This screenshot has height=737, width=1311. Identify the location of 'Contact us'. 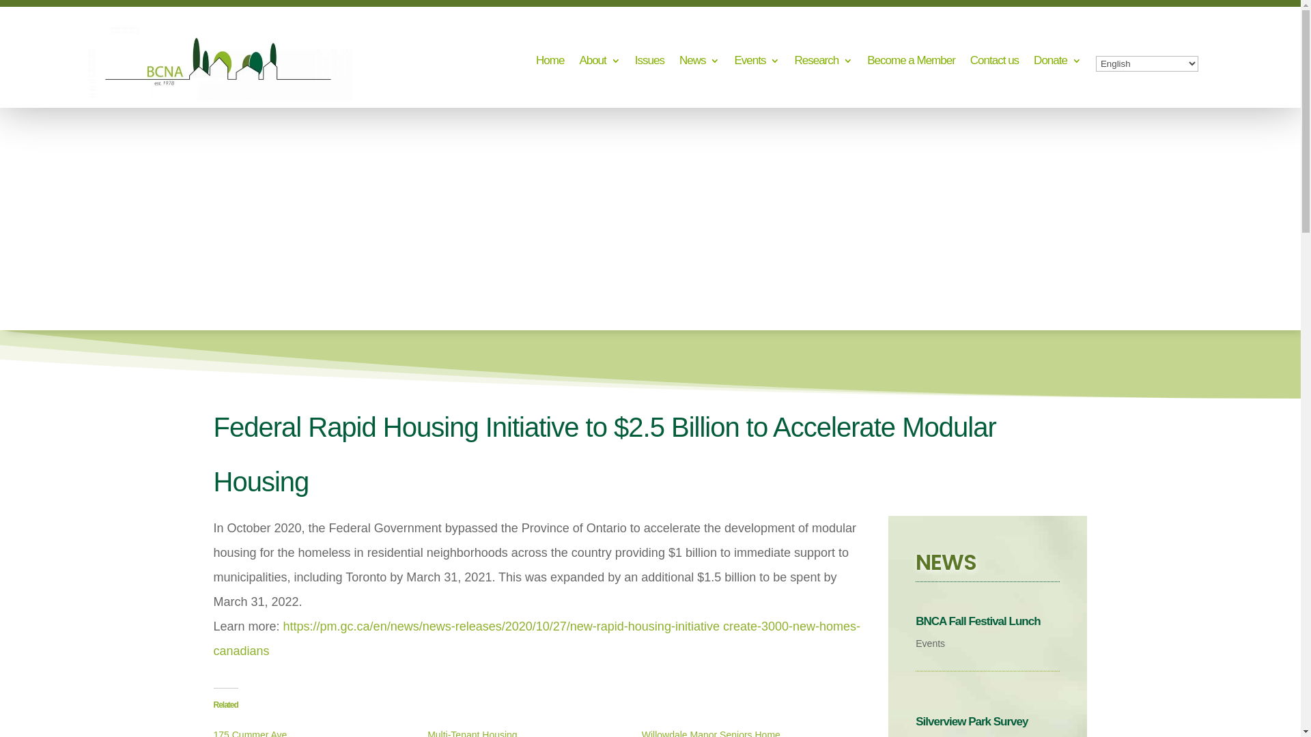
(969, 63).